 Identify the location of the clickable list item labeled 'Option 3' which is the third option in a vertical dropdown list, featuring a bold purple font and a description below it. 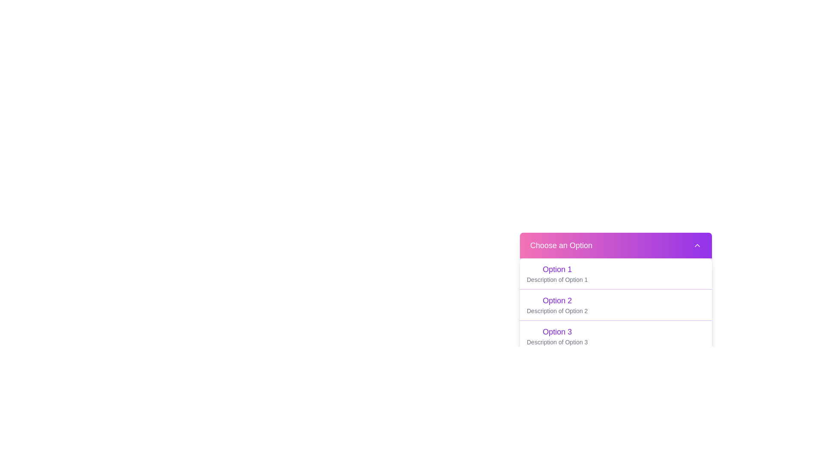
(557, 336).